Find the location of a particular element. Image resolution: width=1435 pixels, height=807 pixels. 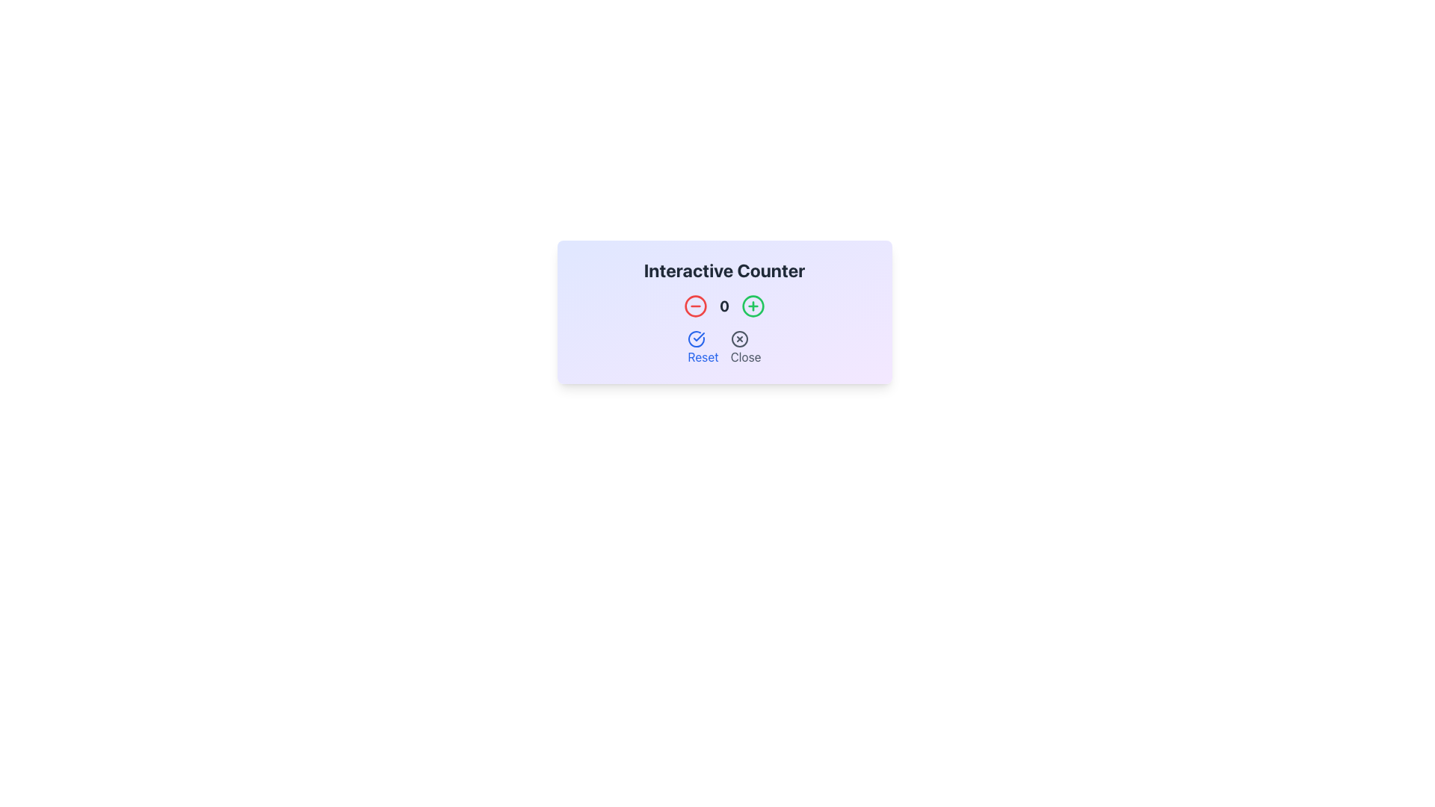

the green circular button with a plus icon (+) to increment the value is located at coordinates (753, 305).